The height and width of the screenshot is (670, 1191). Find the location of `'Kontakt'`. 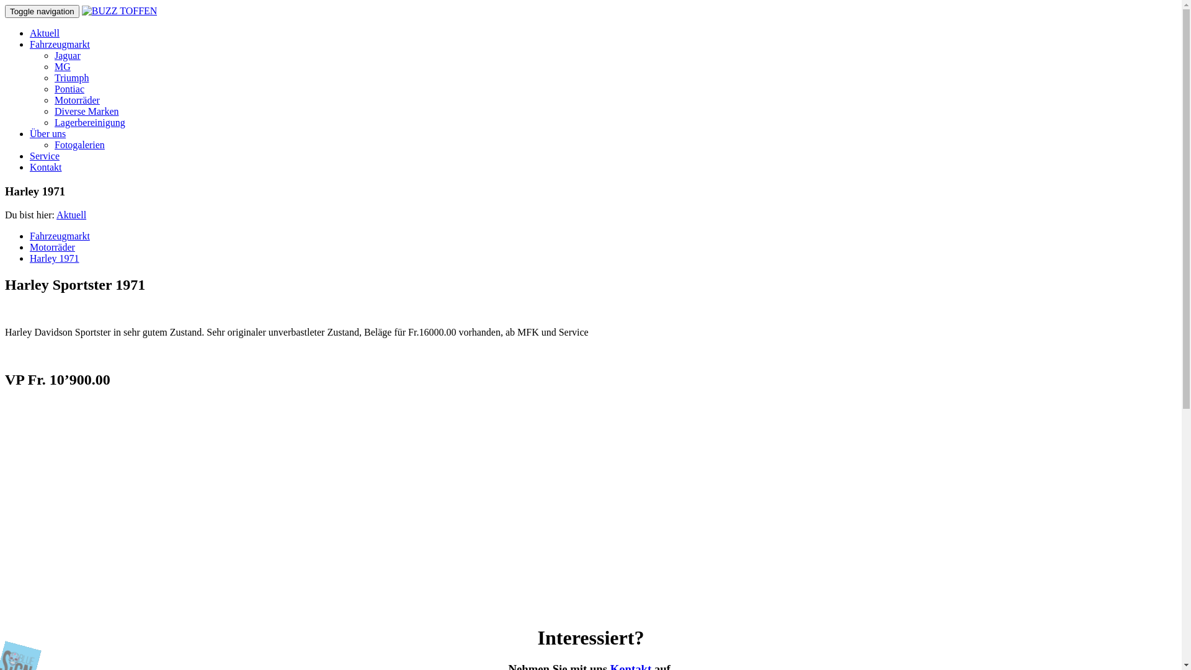

'Kontakt' is located at coordinates (45, 166).